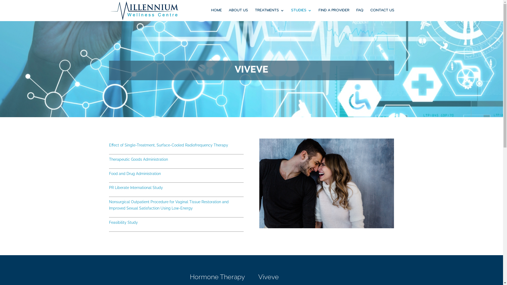  What do you see at coordinates (269, 15) in the screenshot?
I see `'TREATMENTS'` at bounding box center [269, 15].